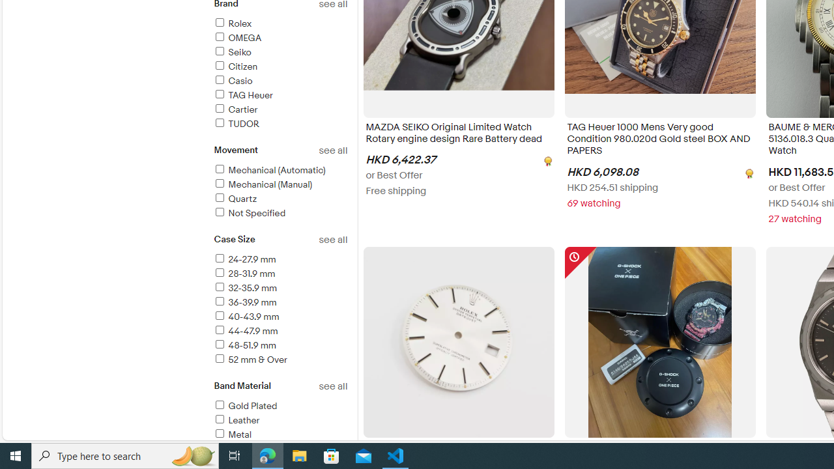 This screenshot has height=469, width=834. I want to click on '44-47.9 mm', so click(280, 331).